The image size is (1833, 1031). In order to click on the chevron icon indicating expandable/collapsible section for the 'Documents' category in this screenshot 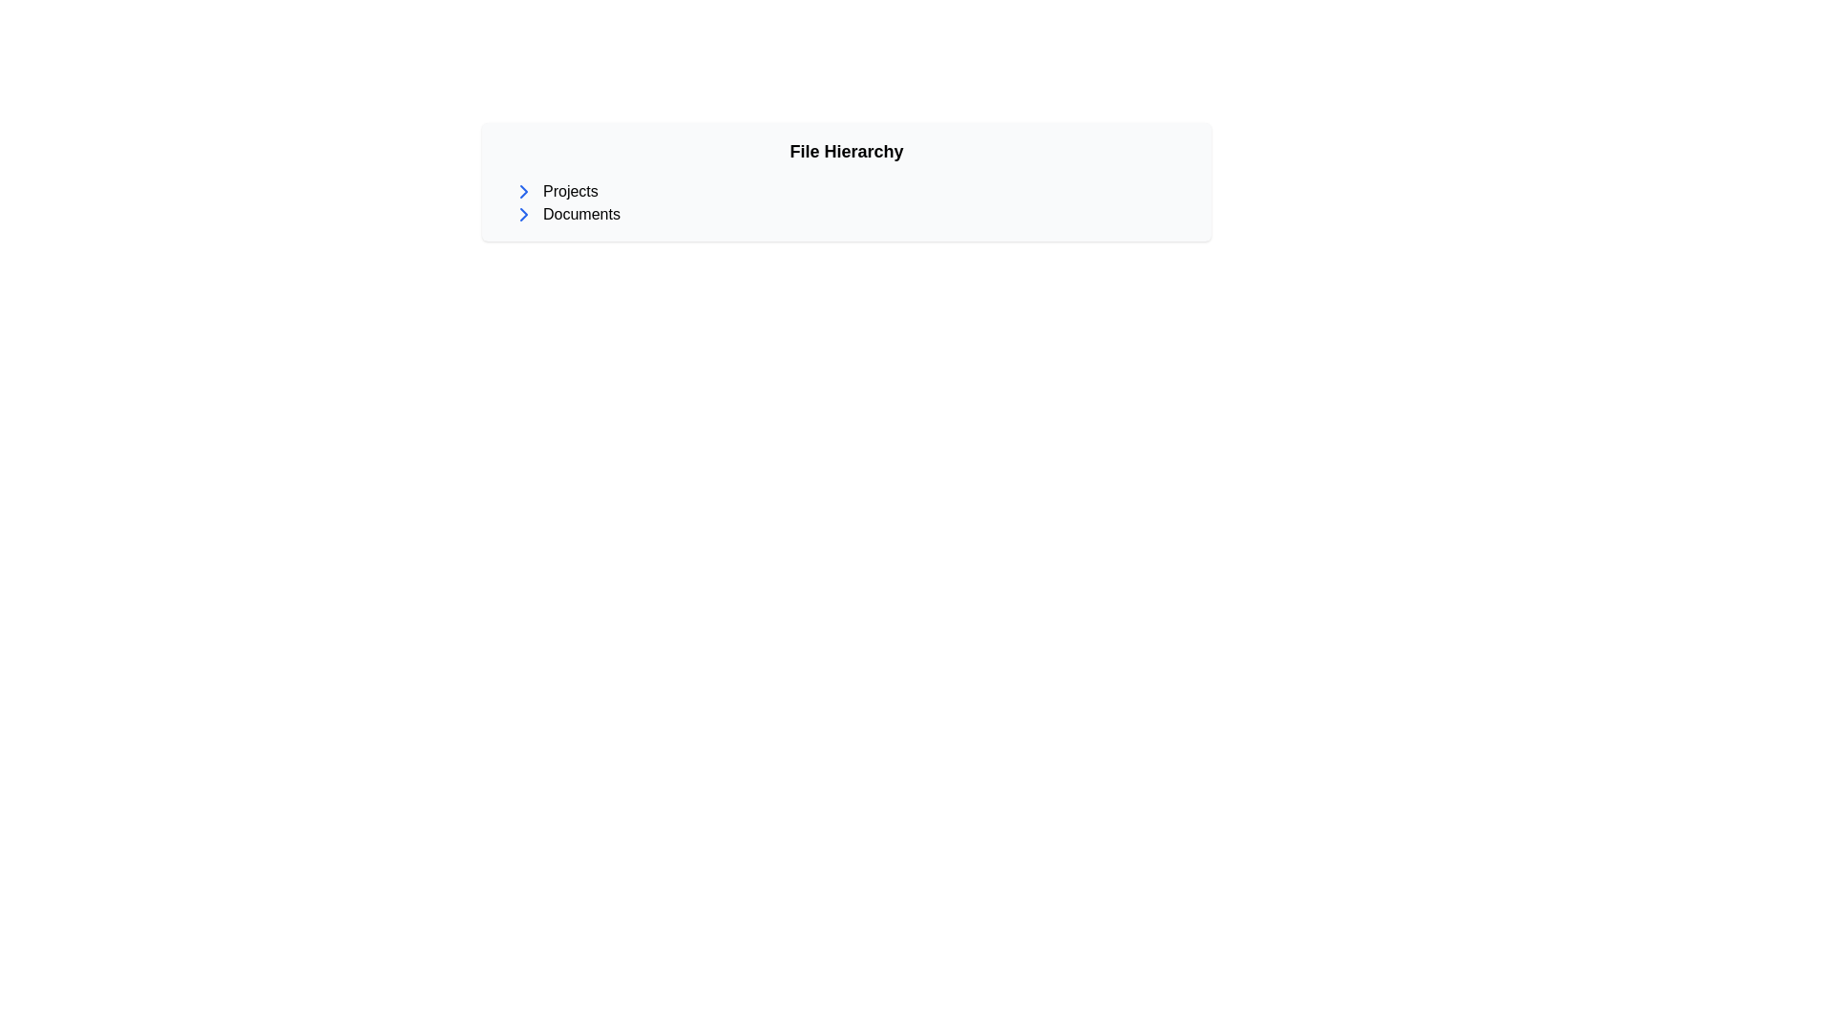, I will do `click(523, 214)`.